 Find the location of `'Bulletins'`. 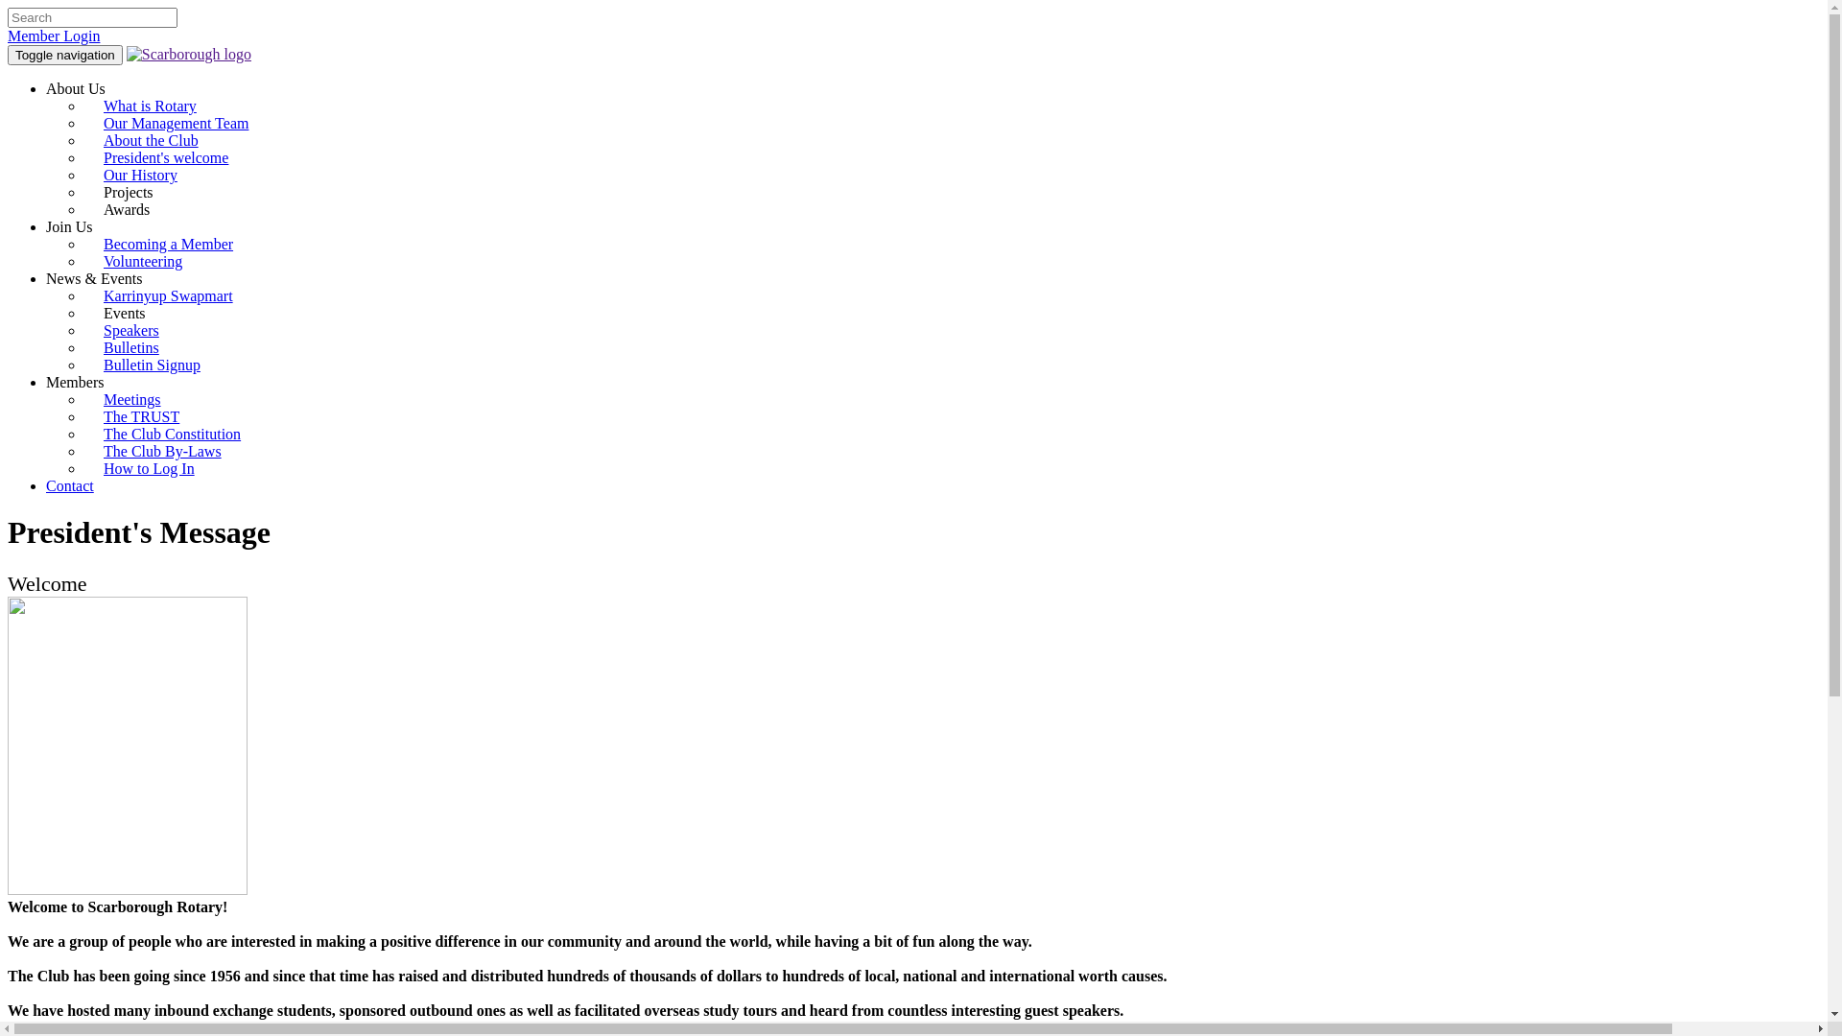

'Bulletins' is located at coordinates (130, 347).